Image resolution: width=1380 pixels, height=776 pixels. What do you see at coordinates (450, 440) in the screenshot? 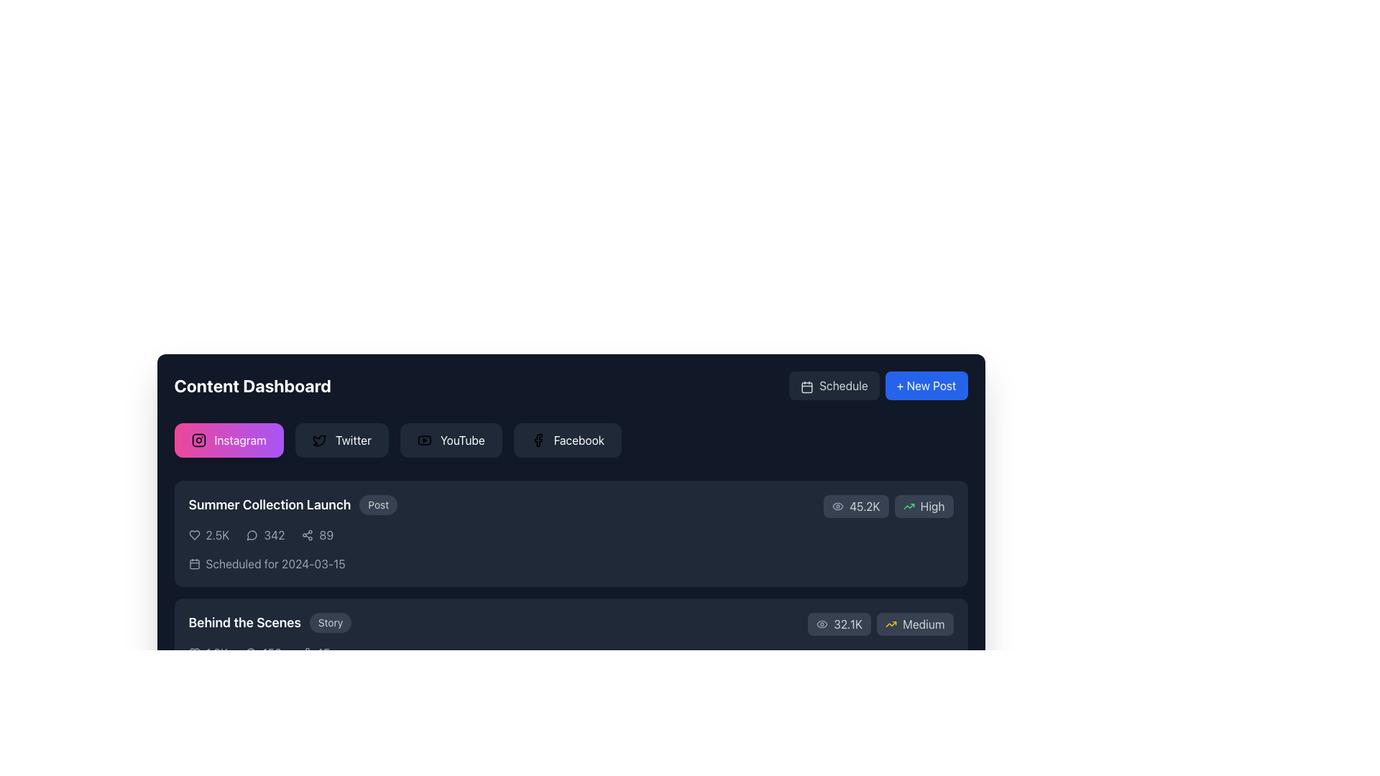
I see `the YouTube button, which is the third button in a horizontal row of four buttons` at bounding box center [450, 440].